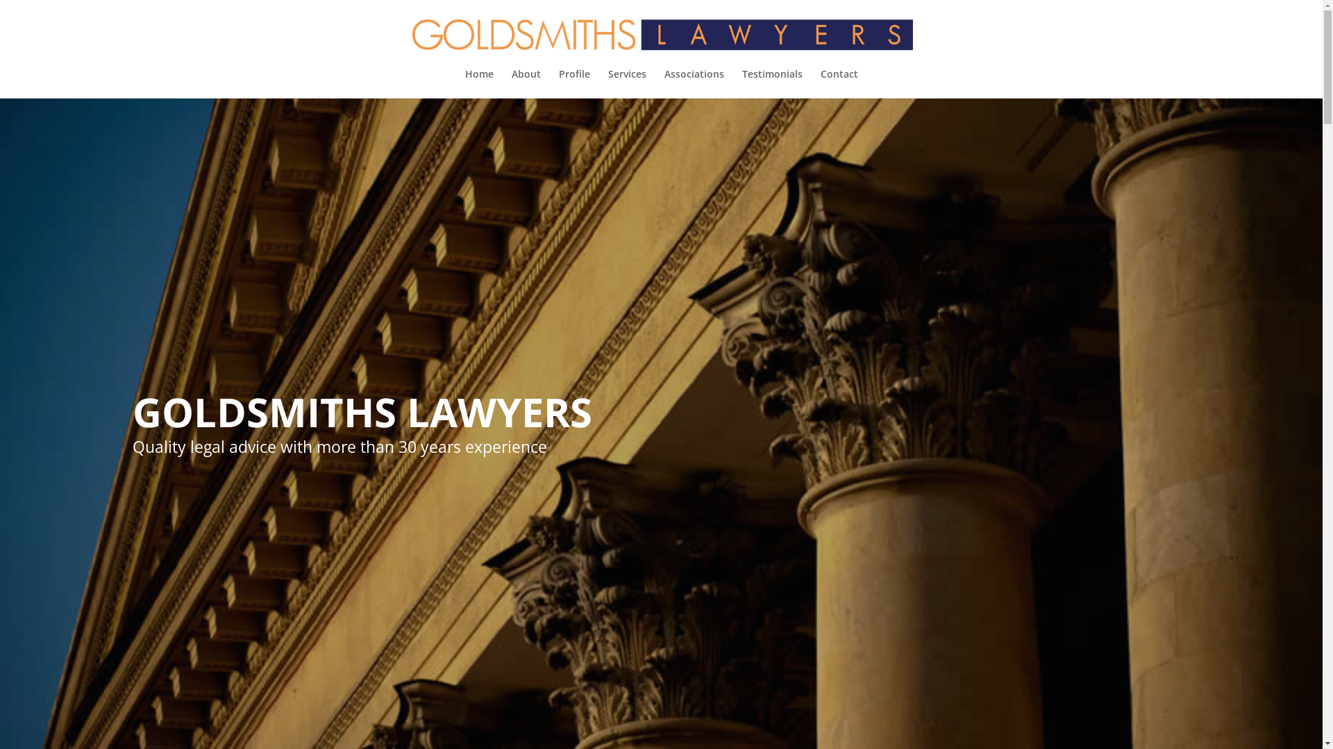  What do you see at coordinates (465, 83) in the screenshot?
I see `'Home'` at bounding box center [465, 83].